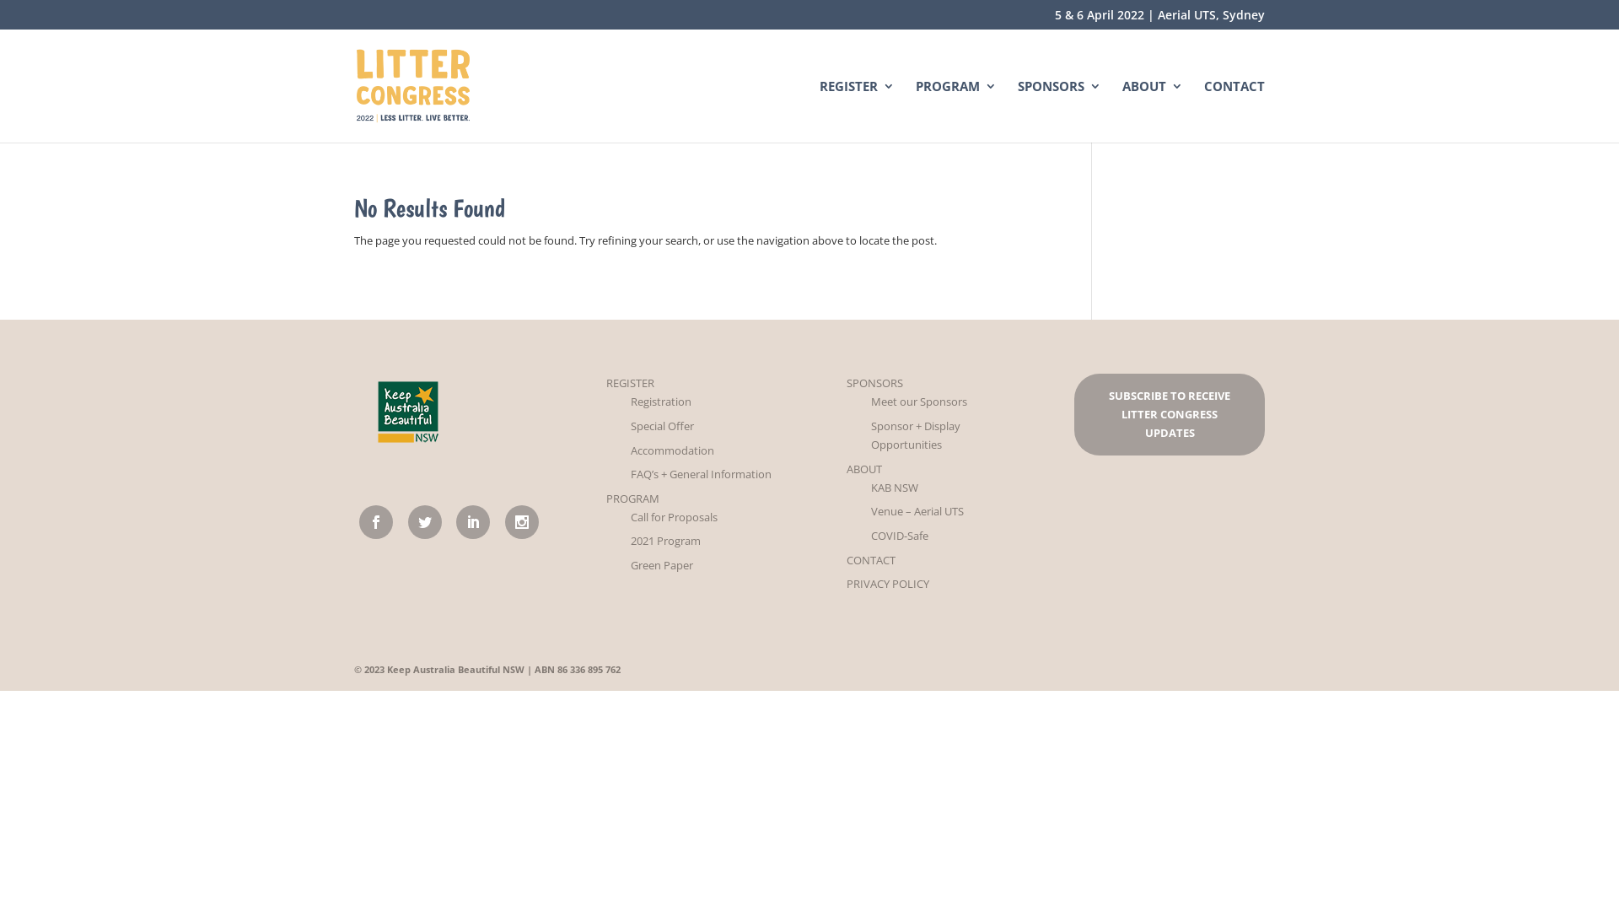 Image resolution: width=1619 pixels, height=911 pixels. Describe the element at coordinates (857, 111) in the screenshot. I see `'REGISTER'` at that location.